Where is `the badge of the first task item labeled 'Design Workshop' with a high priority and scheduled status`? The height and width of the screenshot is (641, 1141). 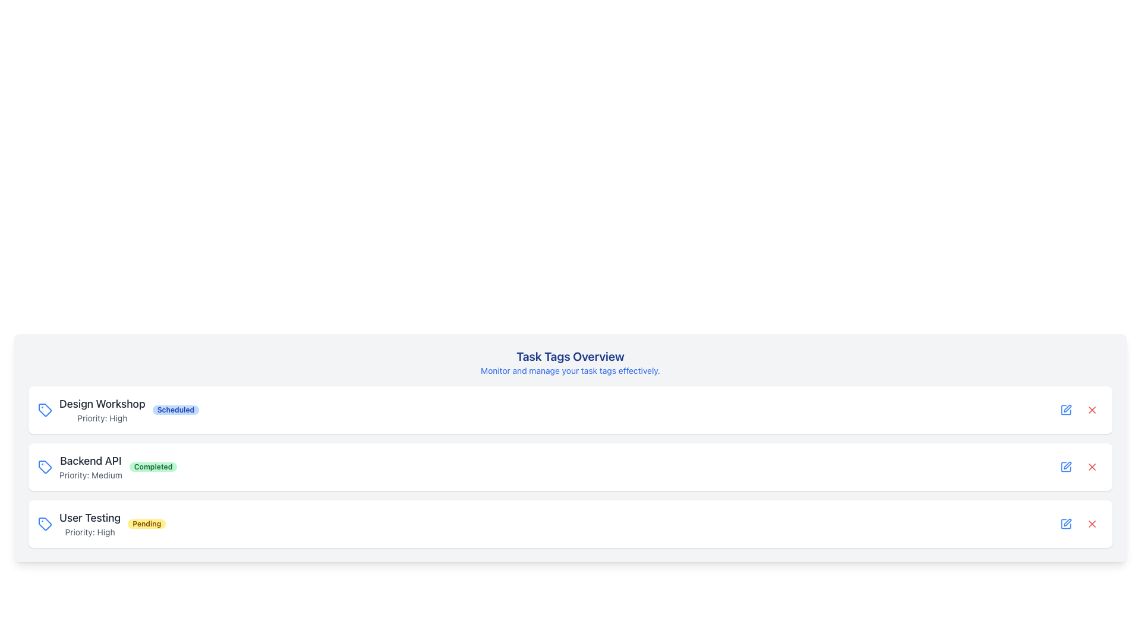
the badge of the first task item labeled 'Design Workshop' with a high priority and scheduled status is located at coordinates (118, 409).